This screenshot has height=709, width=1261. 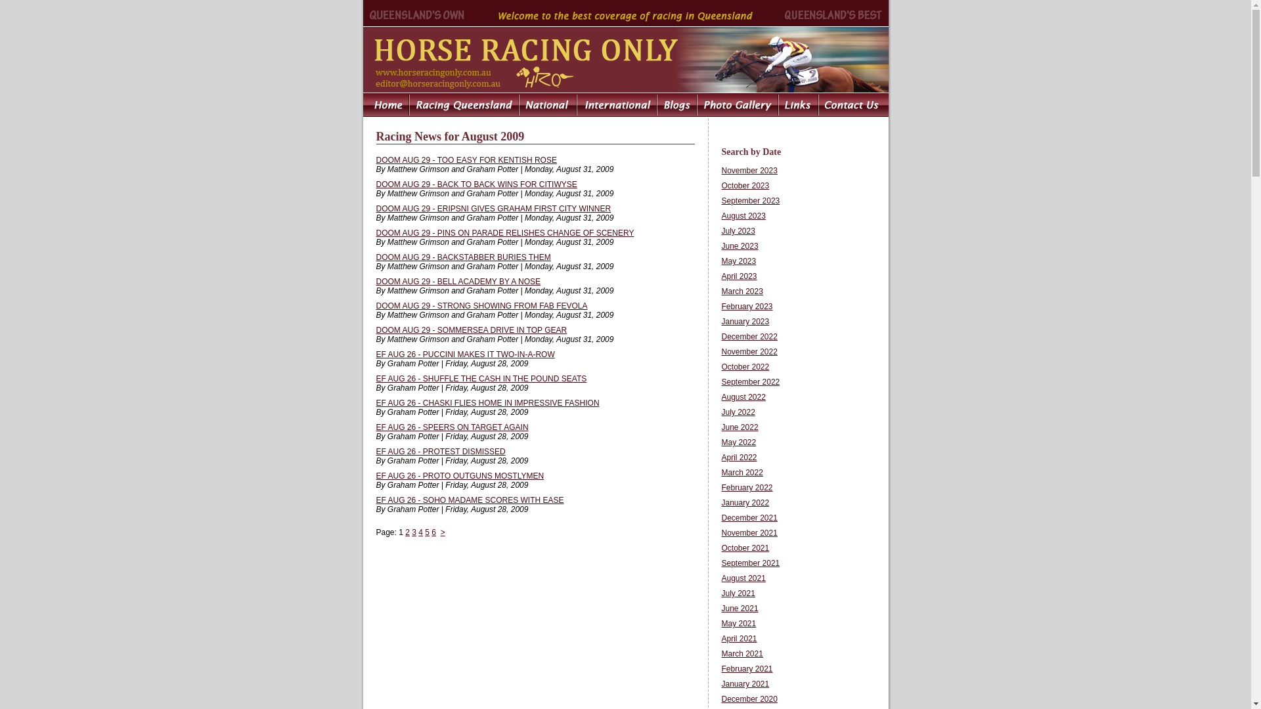 What do you see at coordinates (443, 532) in the screenshot?
I see `'>'` at bounding box center [443, 532].